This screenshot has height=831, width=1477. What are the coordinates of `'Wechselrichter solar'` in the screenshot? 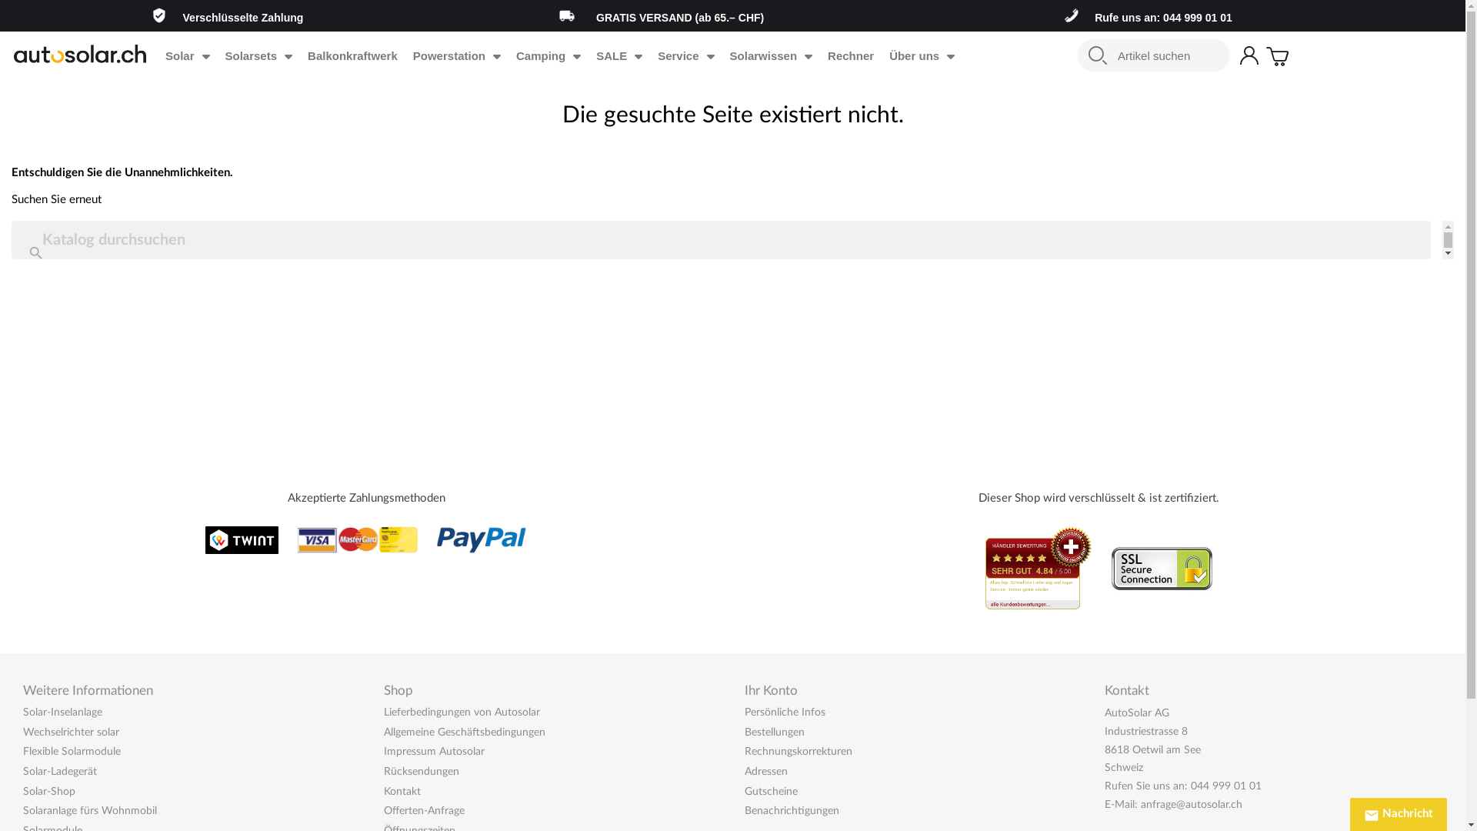 It's located at (70, 732).